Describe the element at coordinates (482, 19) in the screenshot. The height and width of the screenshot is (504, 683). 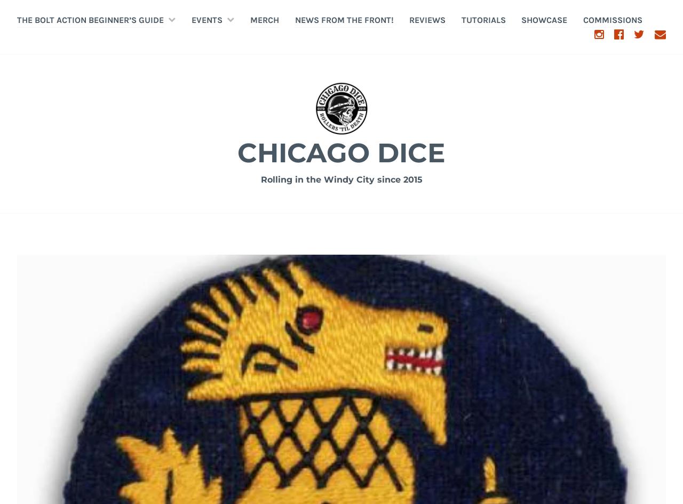
I see `'tutorials'` at that location.